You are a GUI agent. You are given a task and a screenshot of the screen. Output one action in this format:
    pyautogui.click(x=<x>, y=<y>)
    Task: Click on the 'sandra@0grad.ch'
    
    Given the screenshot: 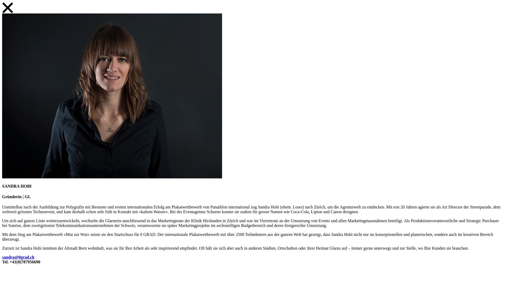 What is the action you would take?
    pyautogui.click(x=18, y=257)
    